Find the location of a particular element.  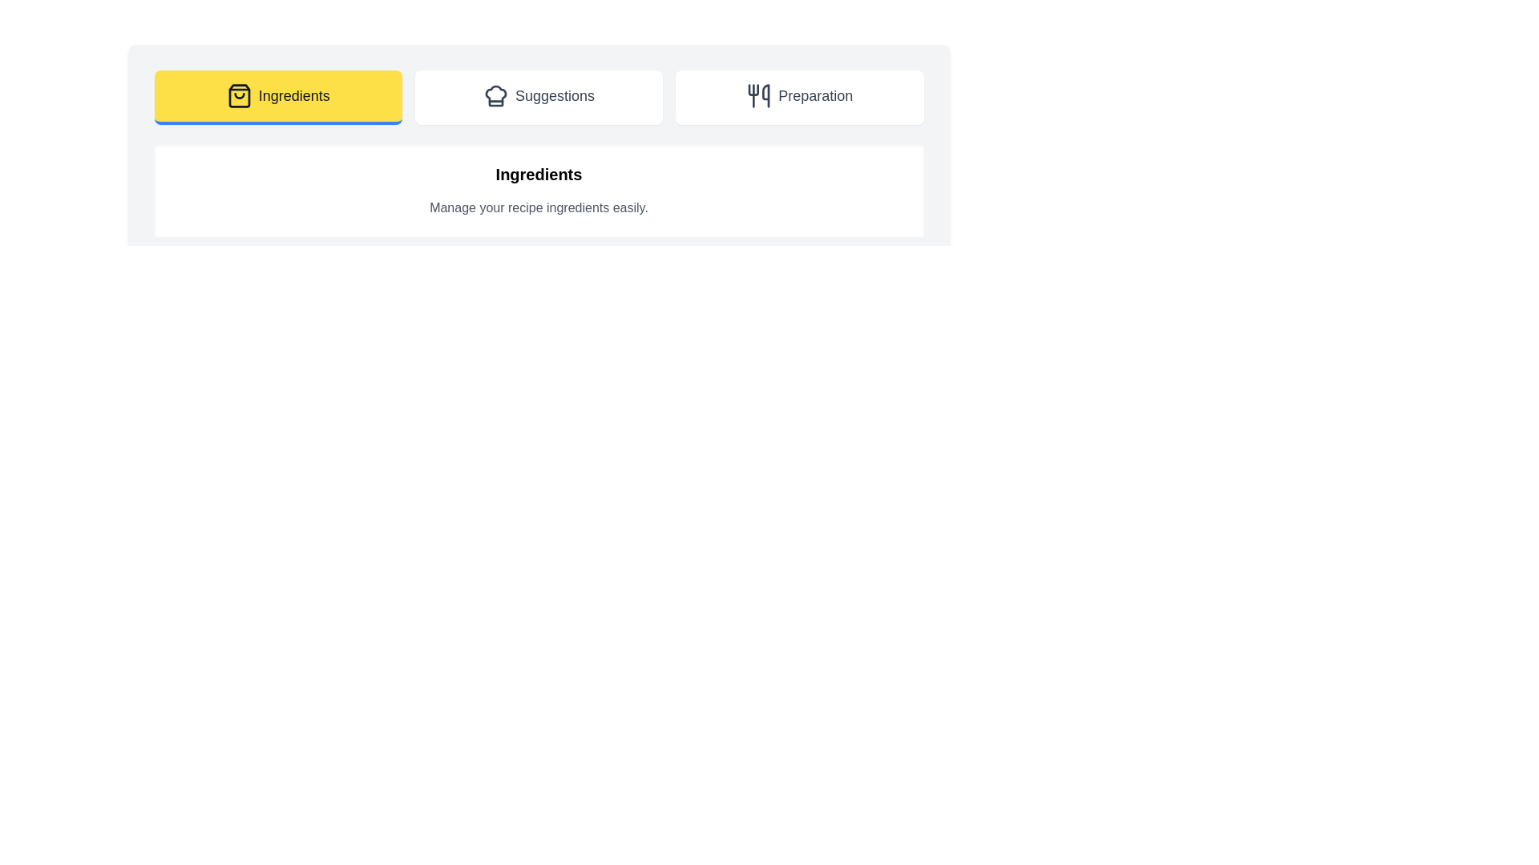

the tab labeled Preparation is located at coordinates (799, 98).